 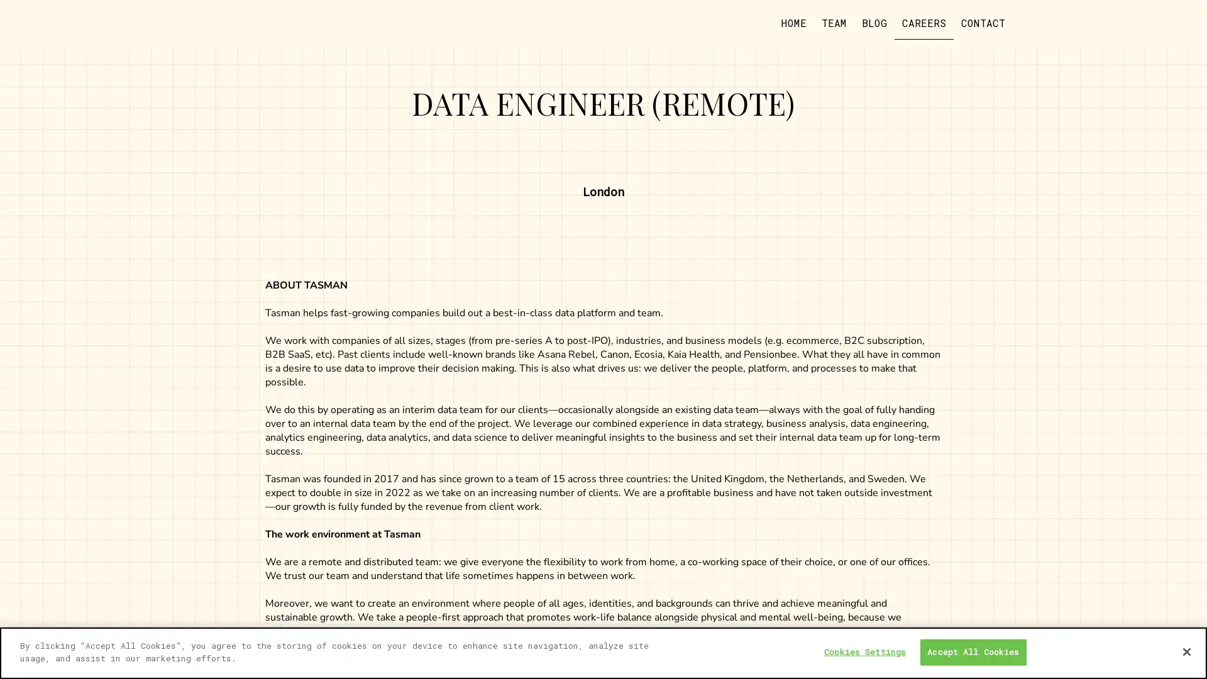 What do you see at coordinates (864, 651) in the screenshot?
I see `Cookies Settings` at bounding box center [864, 651].